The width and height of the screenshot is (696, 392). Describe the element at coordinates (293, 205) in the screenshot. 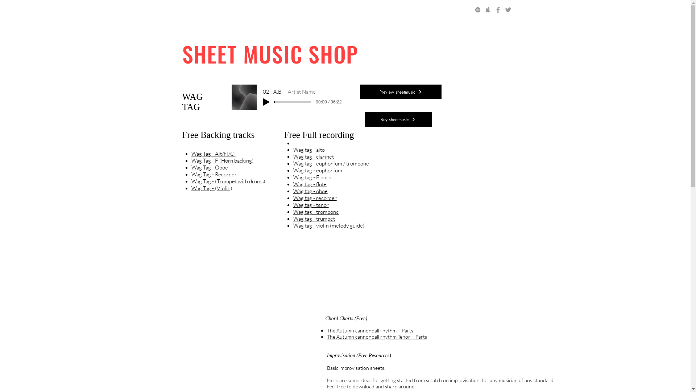

I see `'Wag tag - tenor'` at that location.